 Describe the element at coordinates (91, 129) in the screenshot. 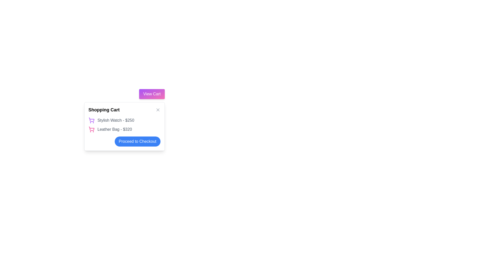

I see `the pink shopping cart icon located to the left of the text 'Leather Bag - $320' in the shopping cart UI` at that location.